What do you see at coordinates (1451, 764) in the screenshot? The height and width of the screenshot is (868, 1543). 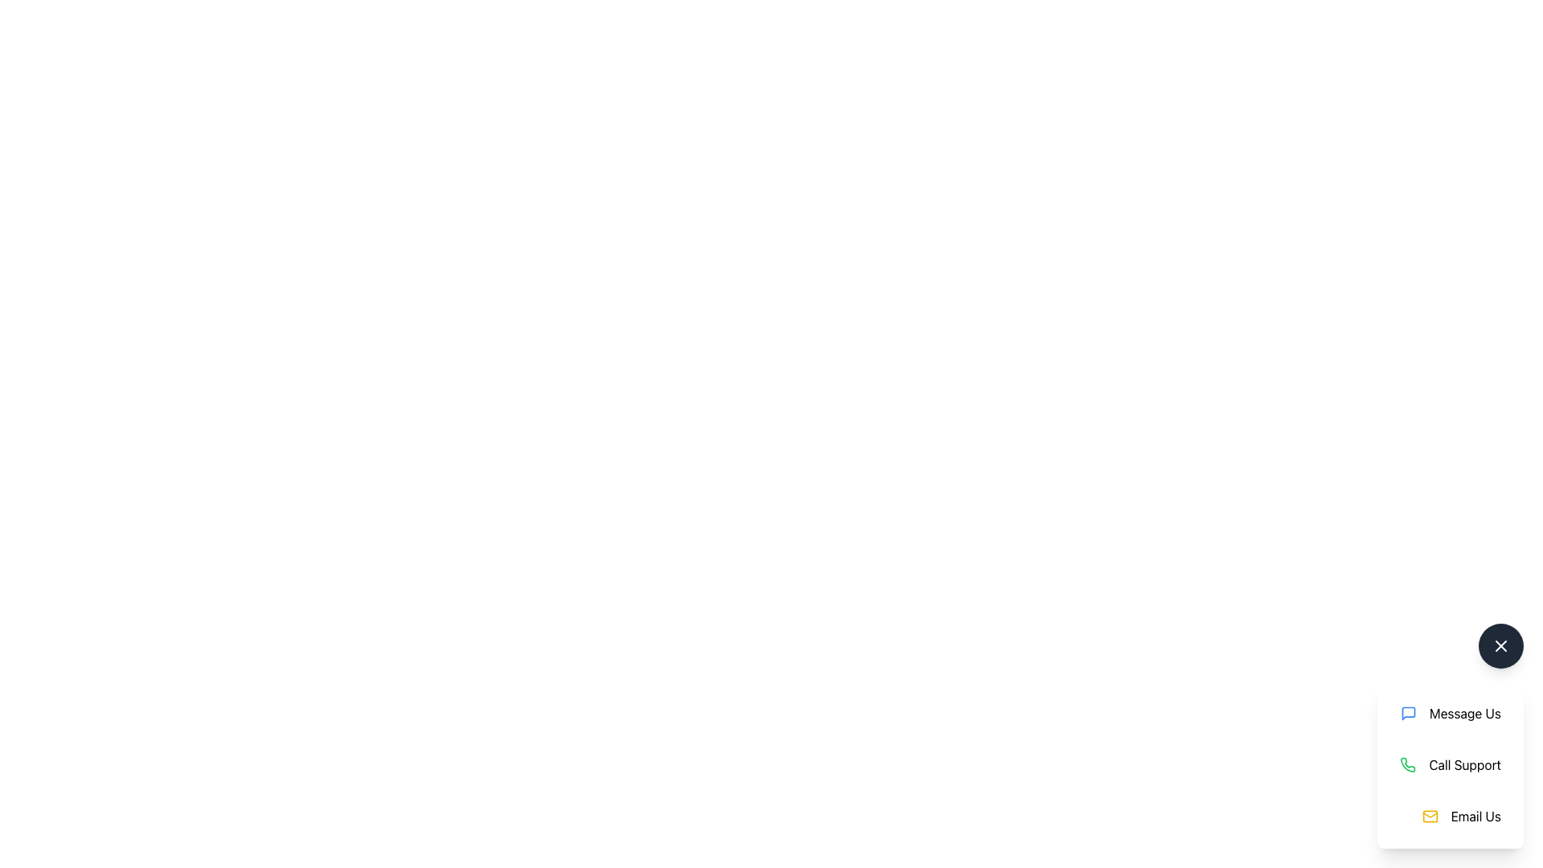 I see `the contact support button, which is the second item in the vertical list of options between 'Message Us' and 'Email Us'` at bounding box center [1451, 764].